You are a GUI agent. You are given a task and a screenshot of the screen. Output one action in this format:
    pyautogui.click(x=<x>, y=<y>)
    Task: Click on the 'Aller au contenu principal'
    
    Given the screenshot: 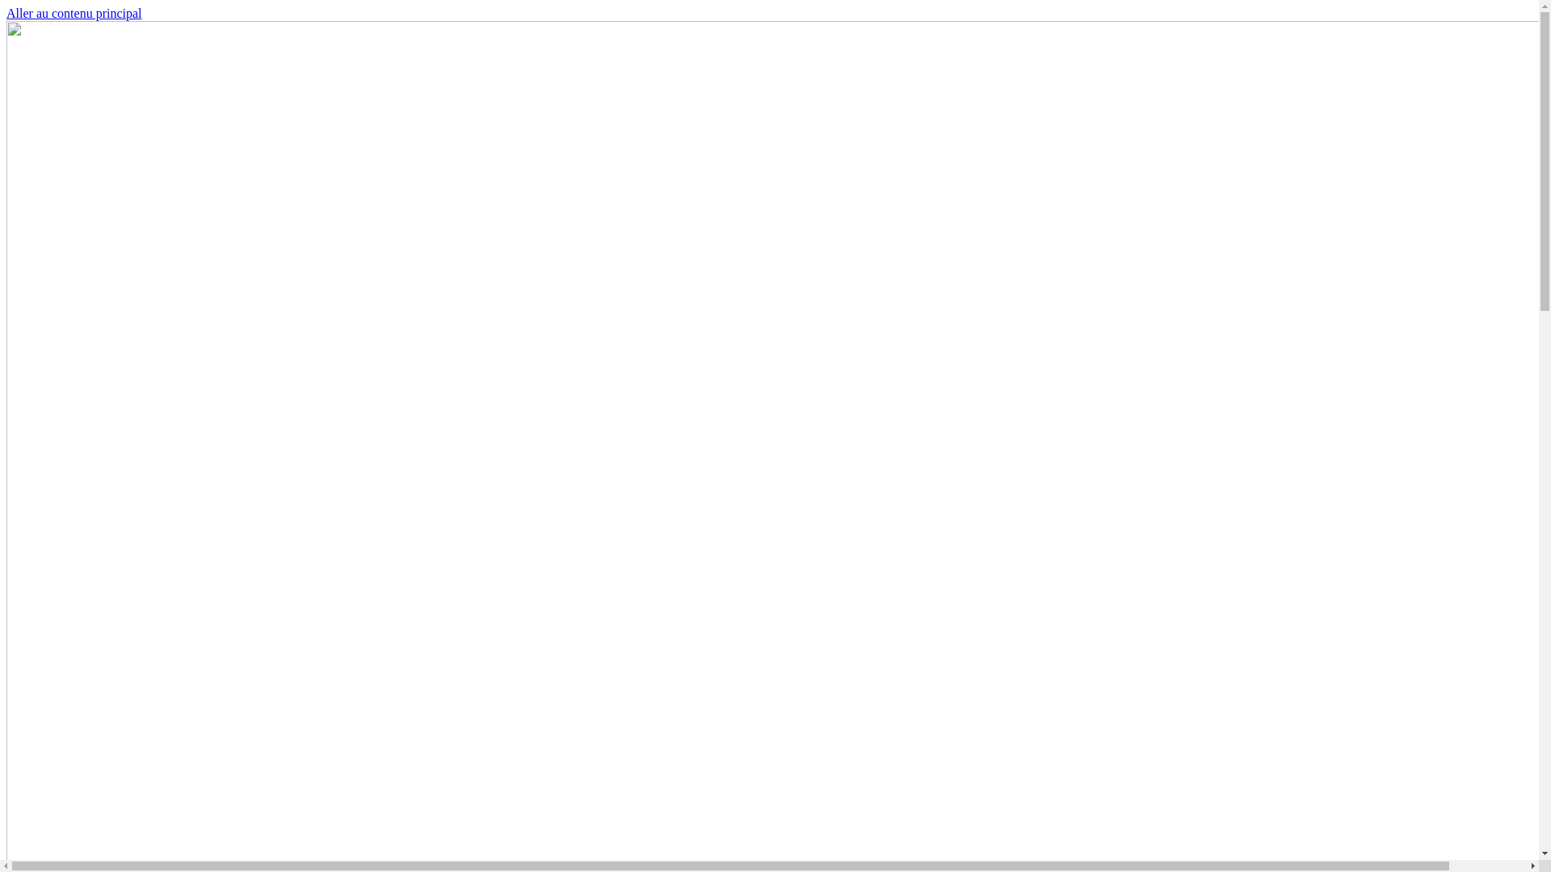 What is the action you would take?
    pyautogui.click(x=73, y=13)
    